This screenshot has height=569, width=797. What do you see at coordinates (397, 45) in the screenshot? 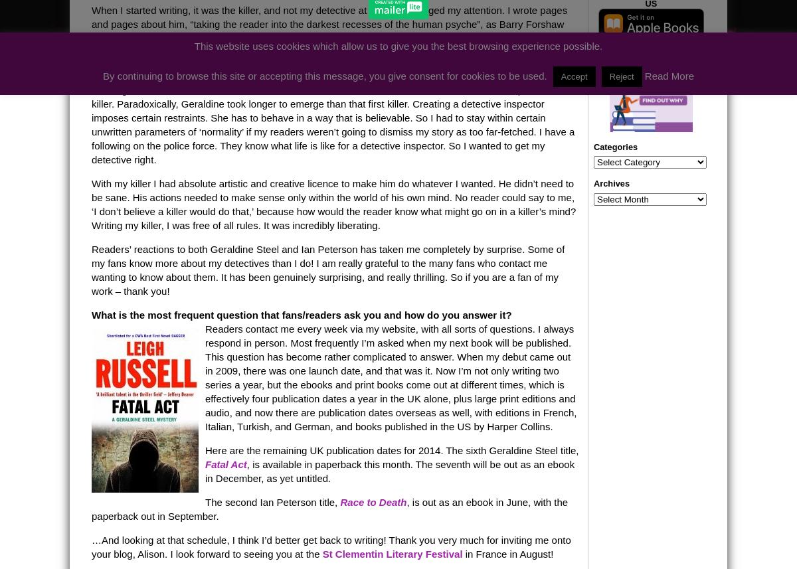
I see `'This website uses cookies which allow us to give you the best browsing experience possible.'` at bounding box center [397, 45].